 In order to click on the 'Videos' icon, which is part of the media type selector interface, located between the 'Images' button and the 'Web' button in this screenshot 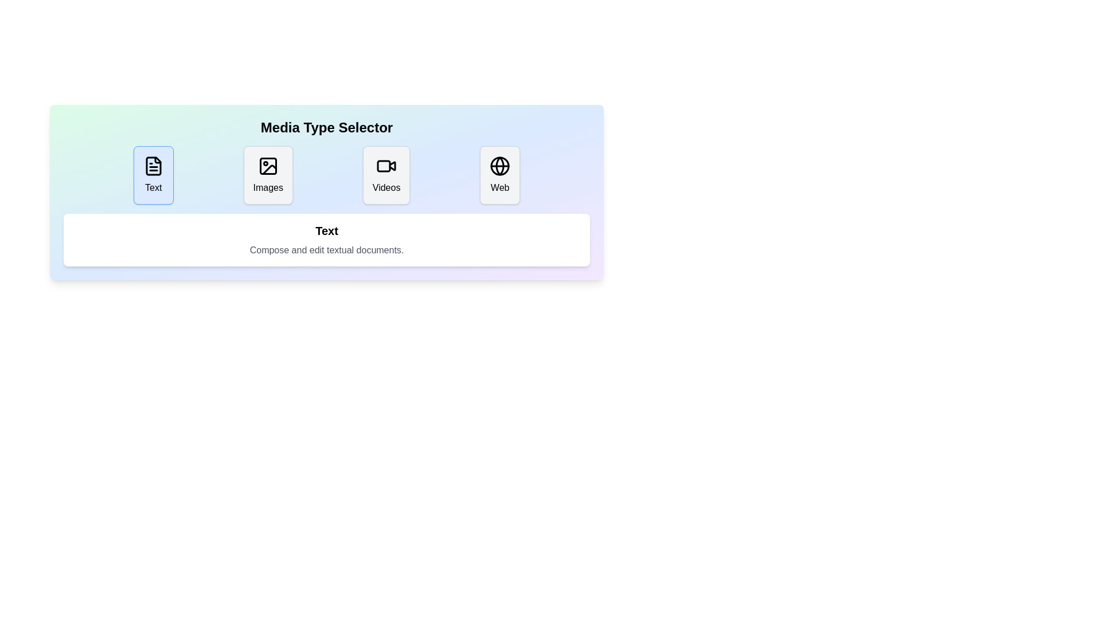, I will do `click(386, 166)`.